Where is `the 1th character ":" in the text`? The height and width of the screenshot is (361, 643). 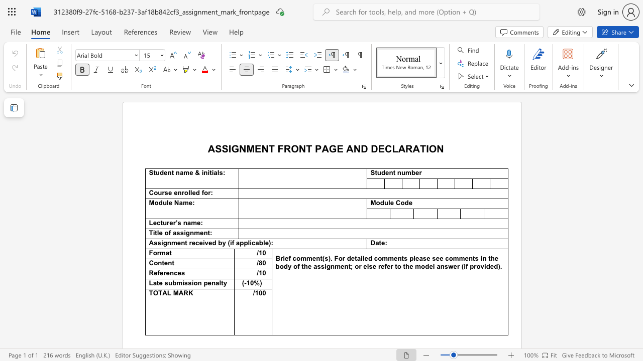 the 1th character ":" in the text is located at coordinates (211, 193).